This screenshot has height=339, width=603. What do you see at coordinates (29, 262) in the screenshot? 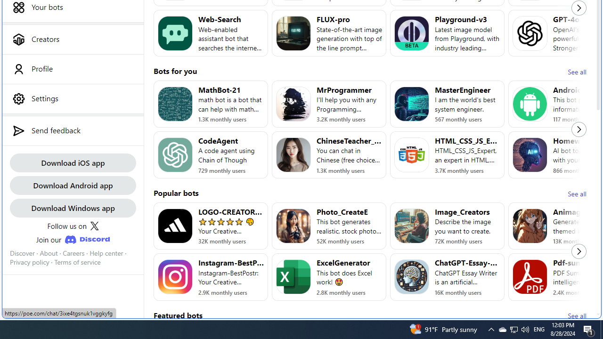
I see `'Privacy policy'` at bounding box center [29, 262].